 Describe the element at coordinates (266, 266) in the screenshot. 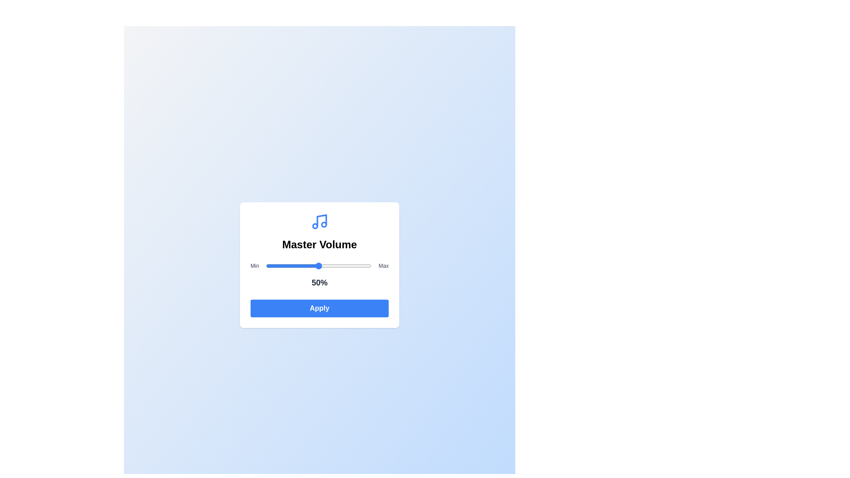

I see `the volume slider to set the volume to 0%` at that location.